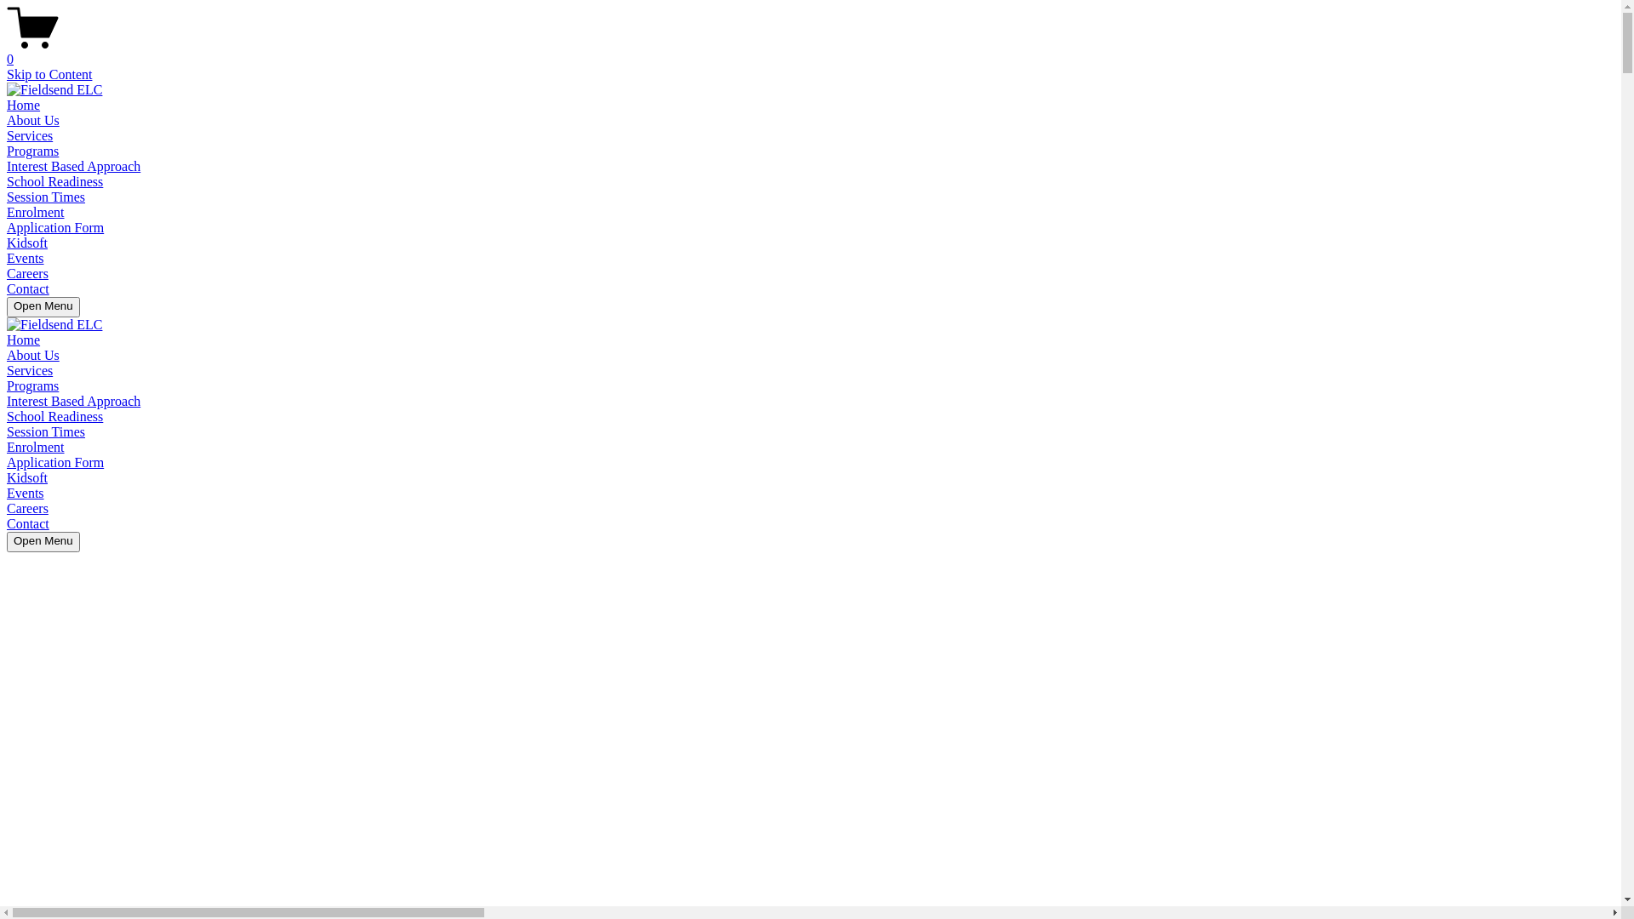  I want to click on 'About Us', so click(32, 119).